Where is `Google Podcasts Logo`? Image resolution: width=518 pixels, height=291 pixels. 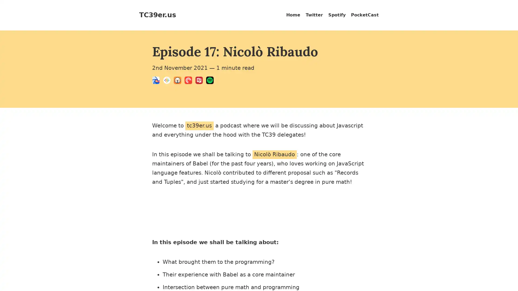 Google Podcasts Logo is located at coordinates (168, 81).